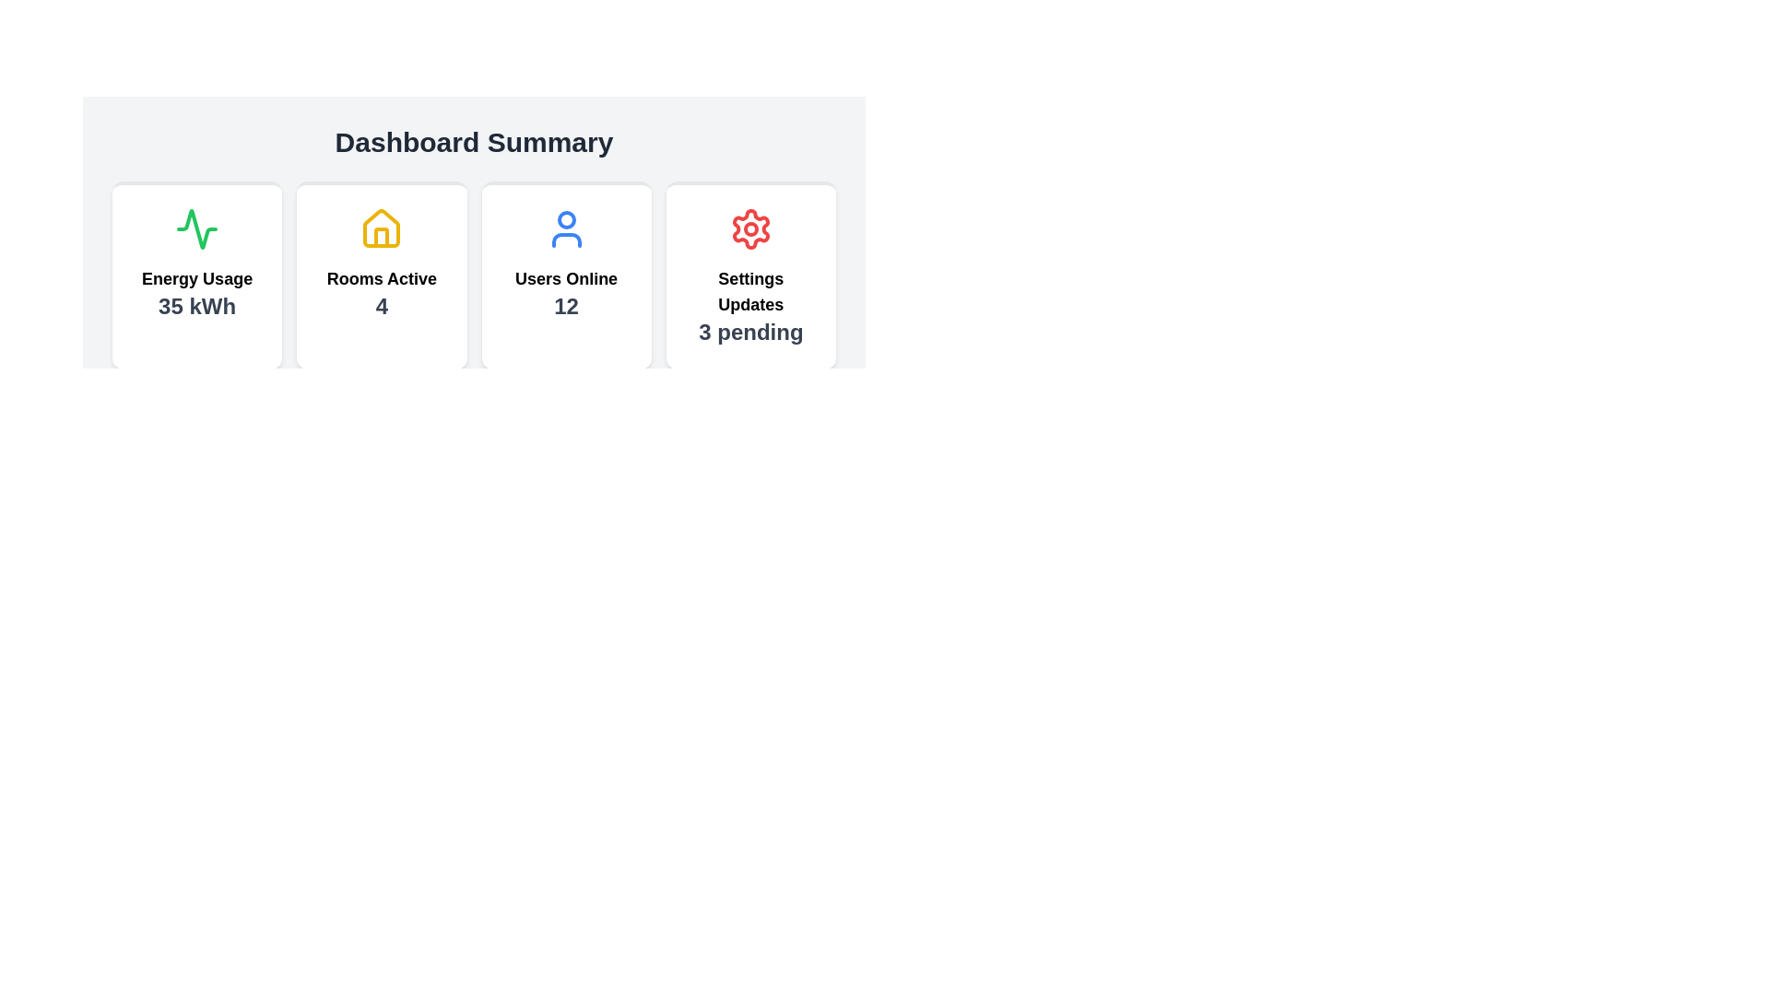 The width and height of the screenshot is (1770, 995). What do you see at coordinates (381, 237) in the screenshot?
I see `the door representation in the house icon within the 'Rooms Active' card in the Dashboard Summary` at bounding box center [381, 237].